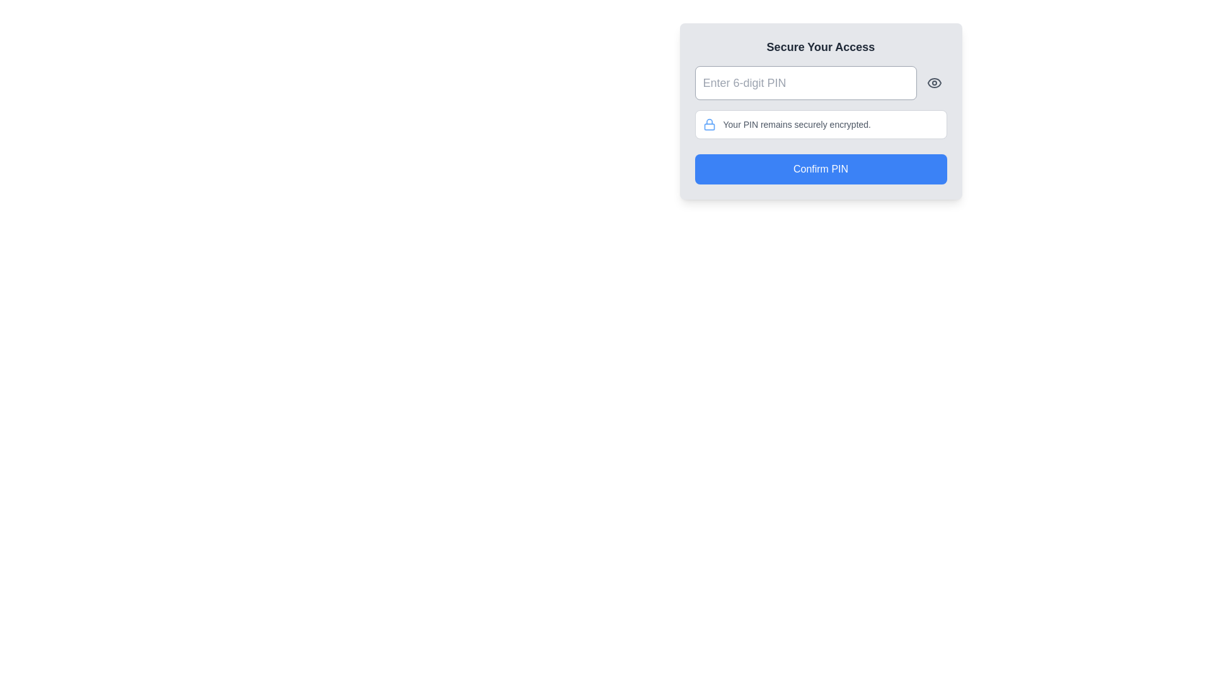 Image resolution: width=1210 pixels, height=680 pixels. What do you see at coordinates (796, 124) in the screenshot?
I see `the static text label providing reassurance about PIN security, located beneath an input field and above the 'Confirm PIN' button` at bounding box center [796, 124].